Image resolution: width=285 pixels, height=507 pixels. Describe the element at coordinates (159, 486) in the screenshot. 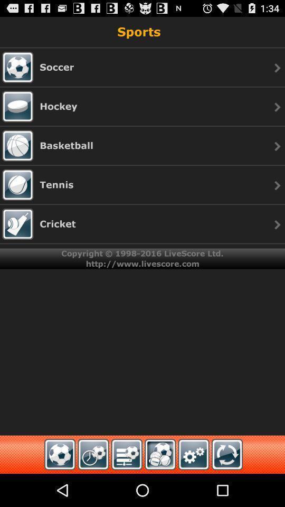

I see `the avatar icon` at that location.